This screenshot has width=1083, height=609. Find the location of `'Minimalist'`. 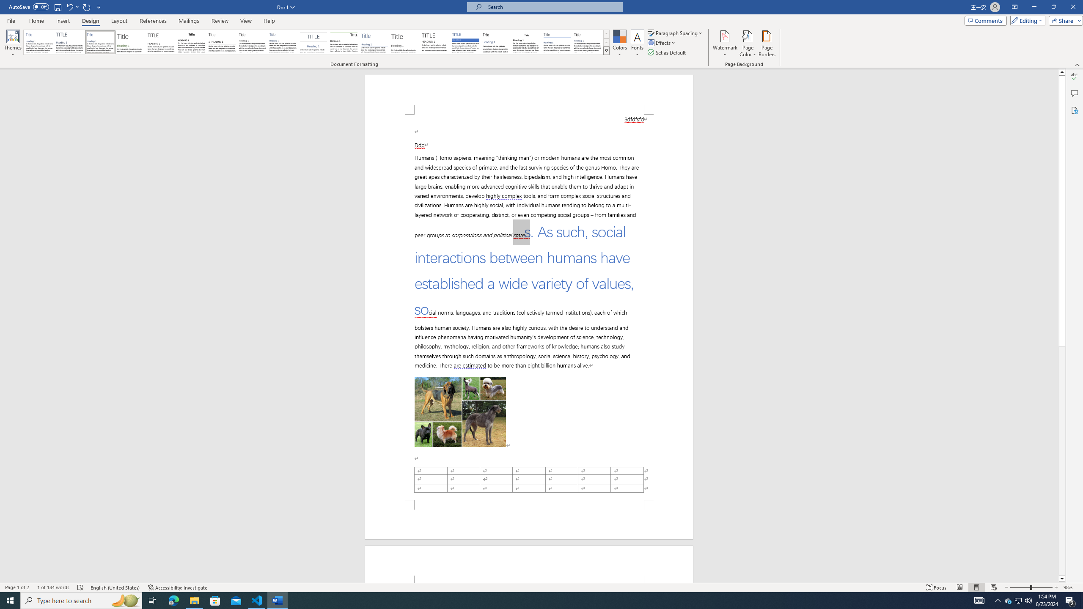

'Minimalist' is located at coordinates (435, 42).